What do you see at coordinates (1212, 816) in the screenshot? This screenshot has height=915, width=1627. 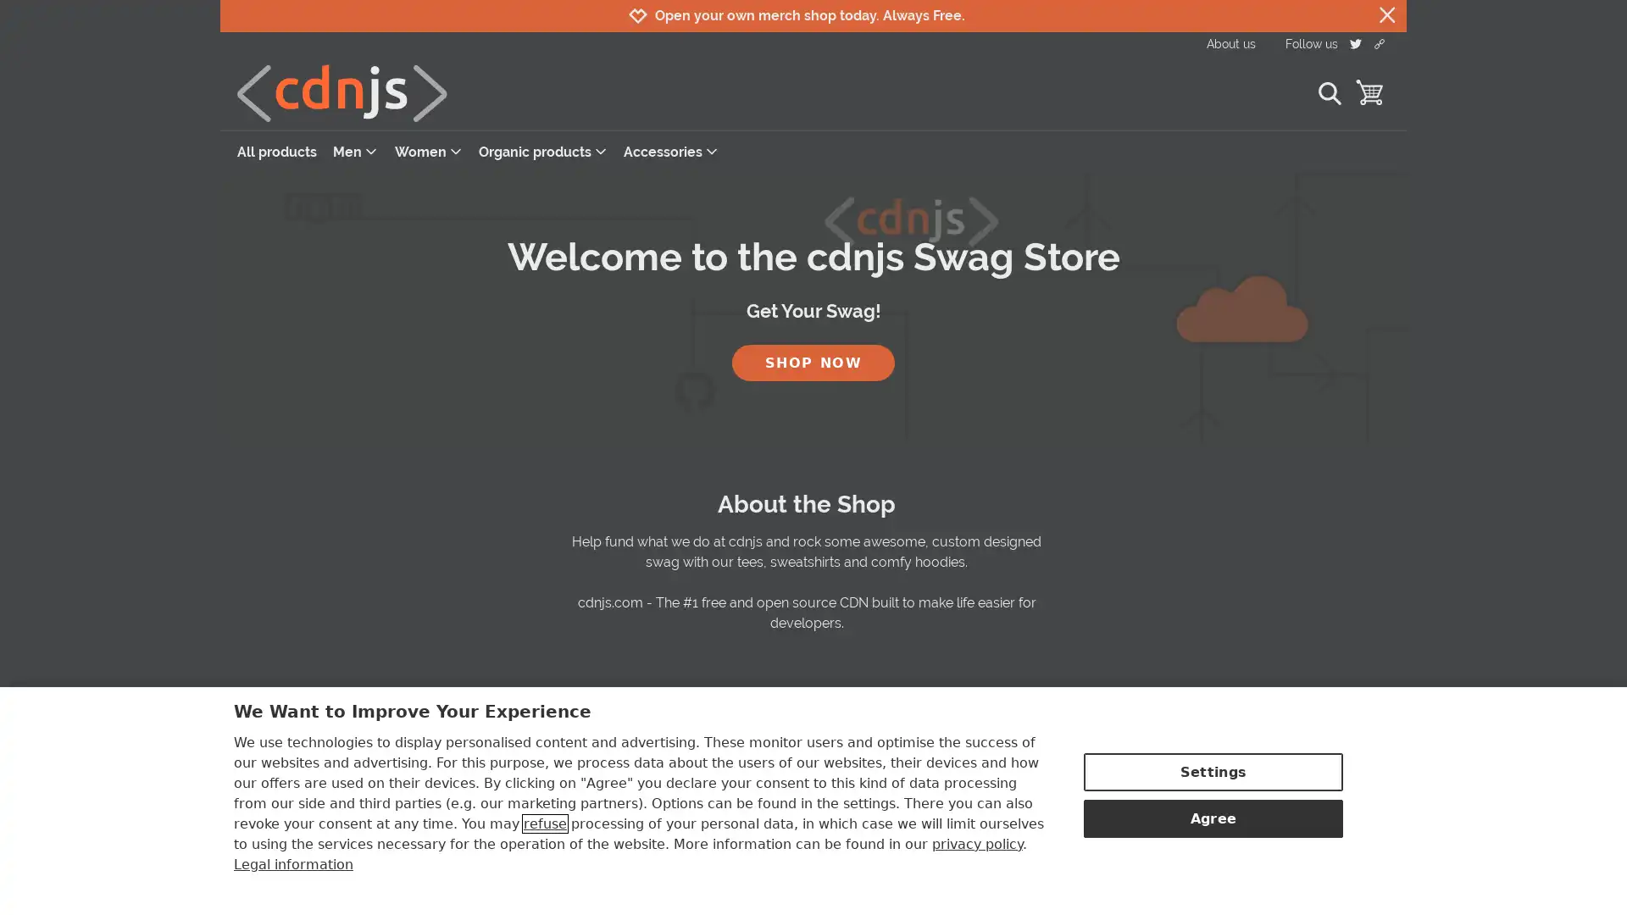 I see `Agree` at bounding box center [1212, 816].